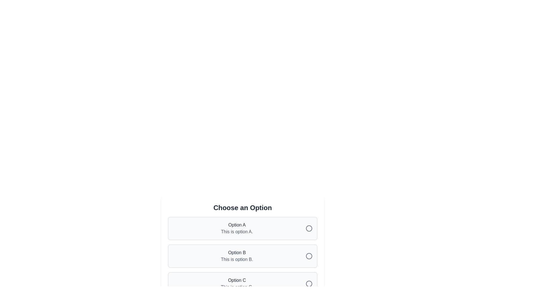 The height and width of the screenshot is (305, 543). What do you see at coordinates (237, 228) in the screenshot?
I see `the first informational text block in the vertical list` at bounding box center [237, 228].